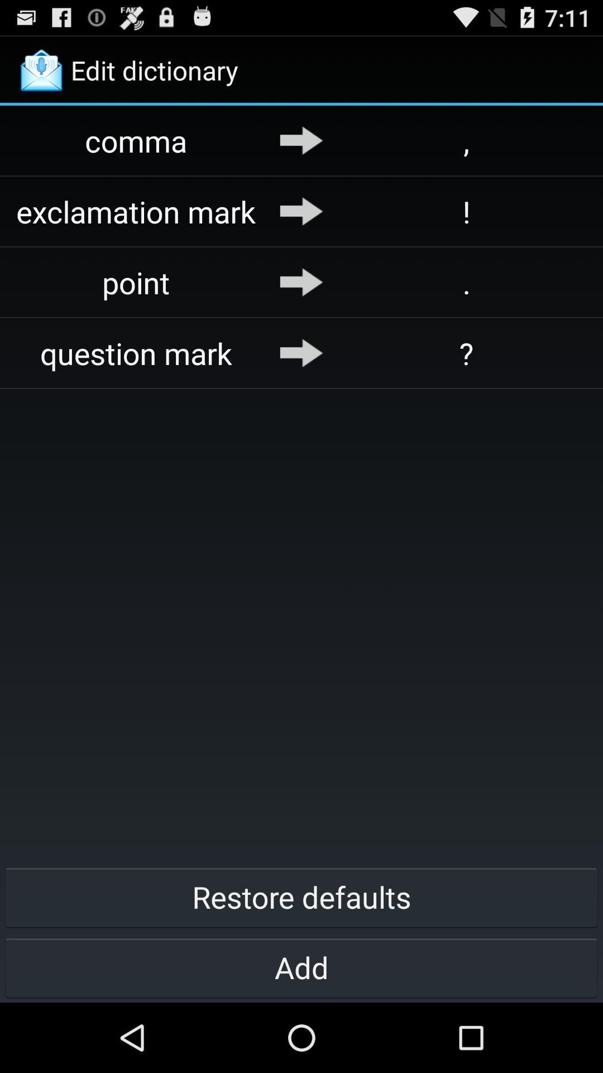 Image resolution: width=603 pixels, height=1073 pixels. I want to click on the icon above the exclamation mark app, so click(301, 140).